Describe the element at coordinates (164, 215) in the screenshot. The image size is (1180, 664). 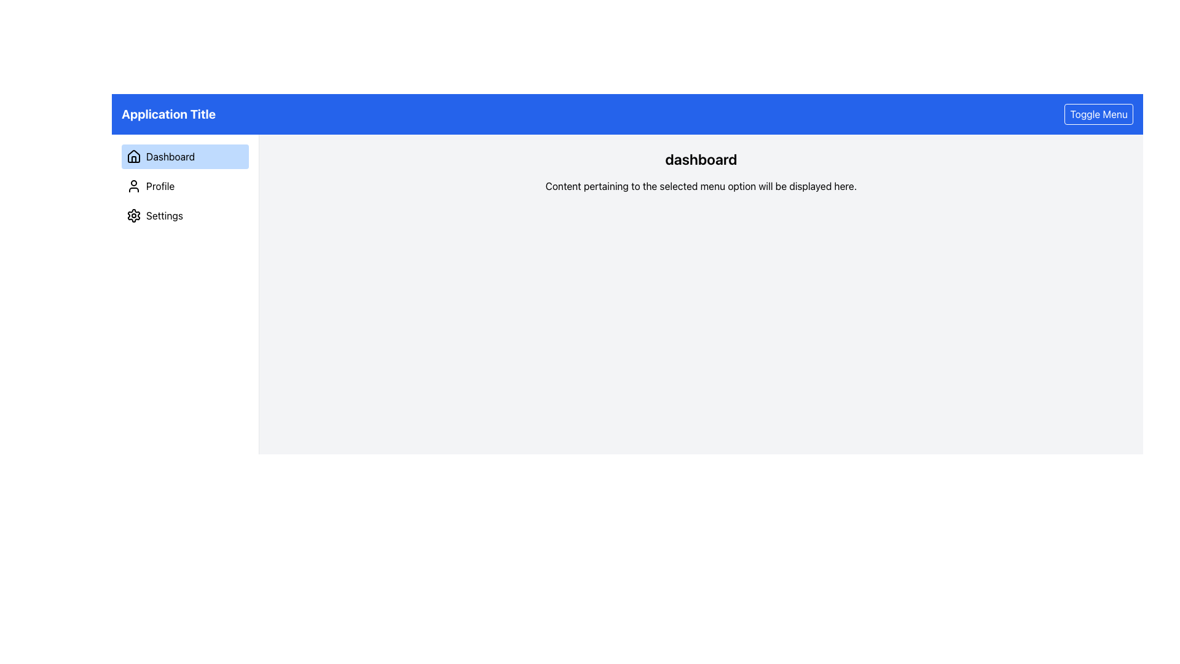
I see `the 'Settings' text label in the vertical navigation menu` at that location.